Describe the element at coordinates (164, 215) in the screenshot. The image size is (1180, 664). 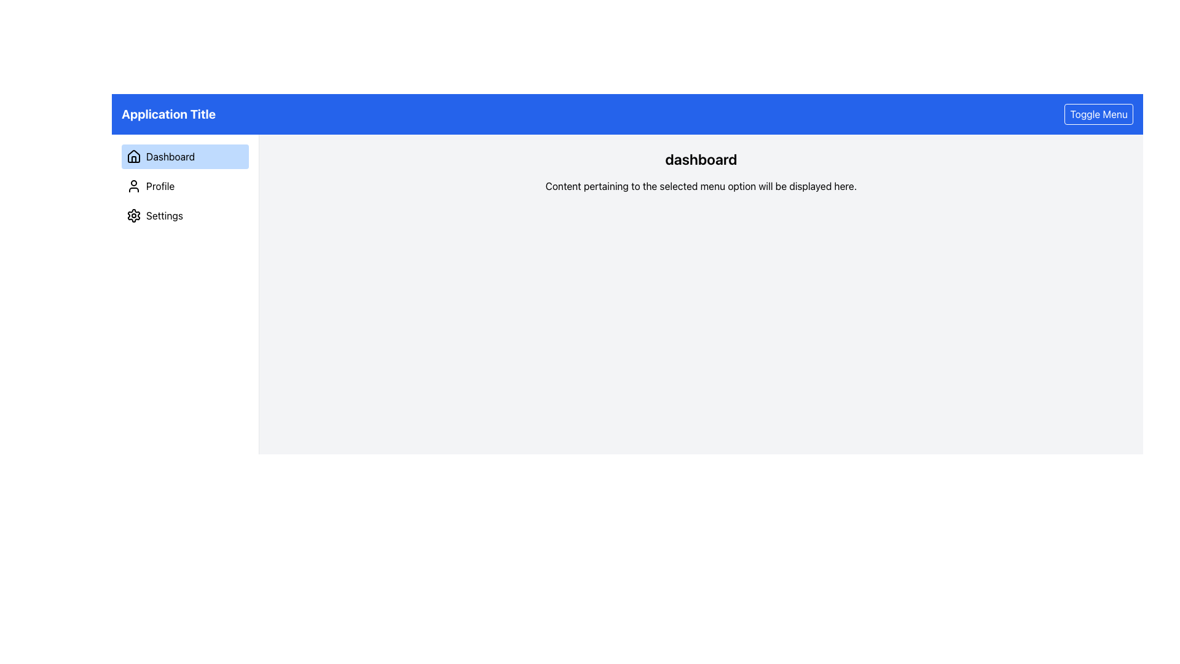
I see `the 'Settings' text label in the vertical navigation menu` at that location.